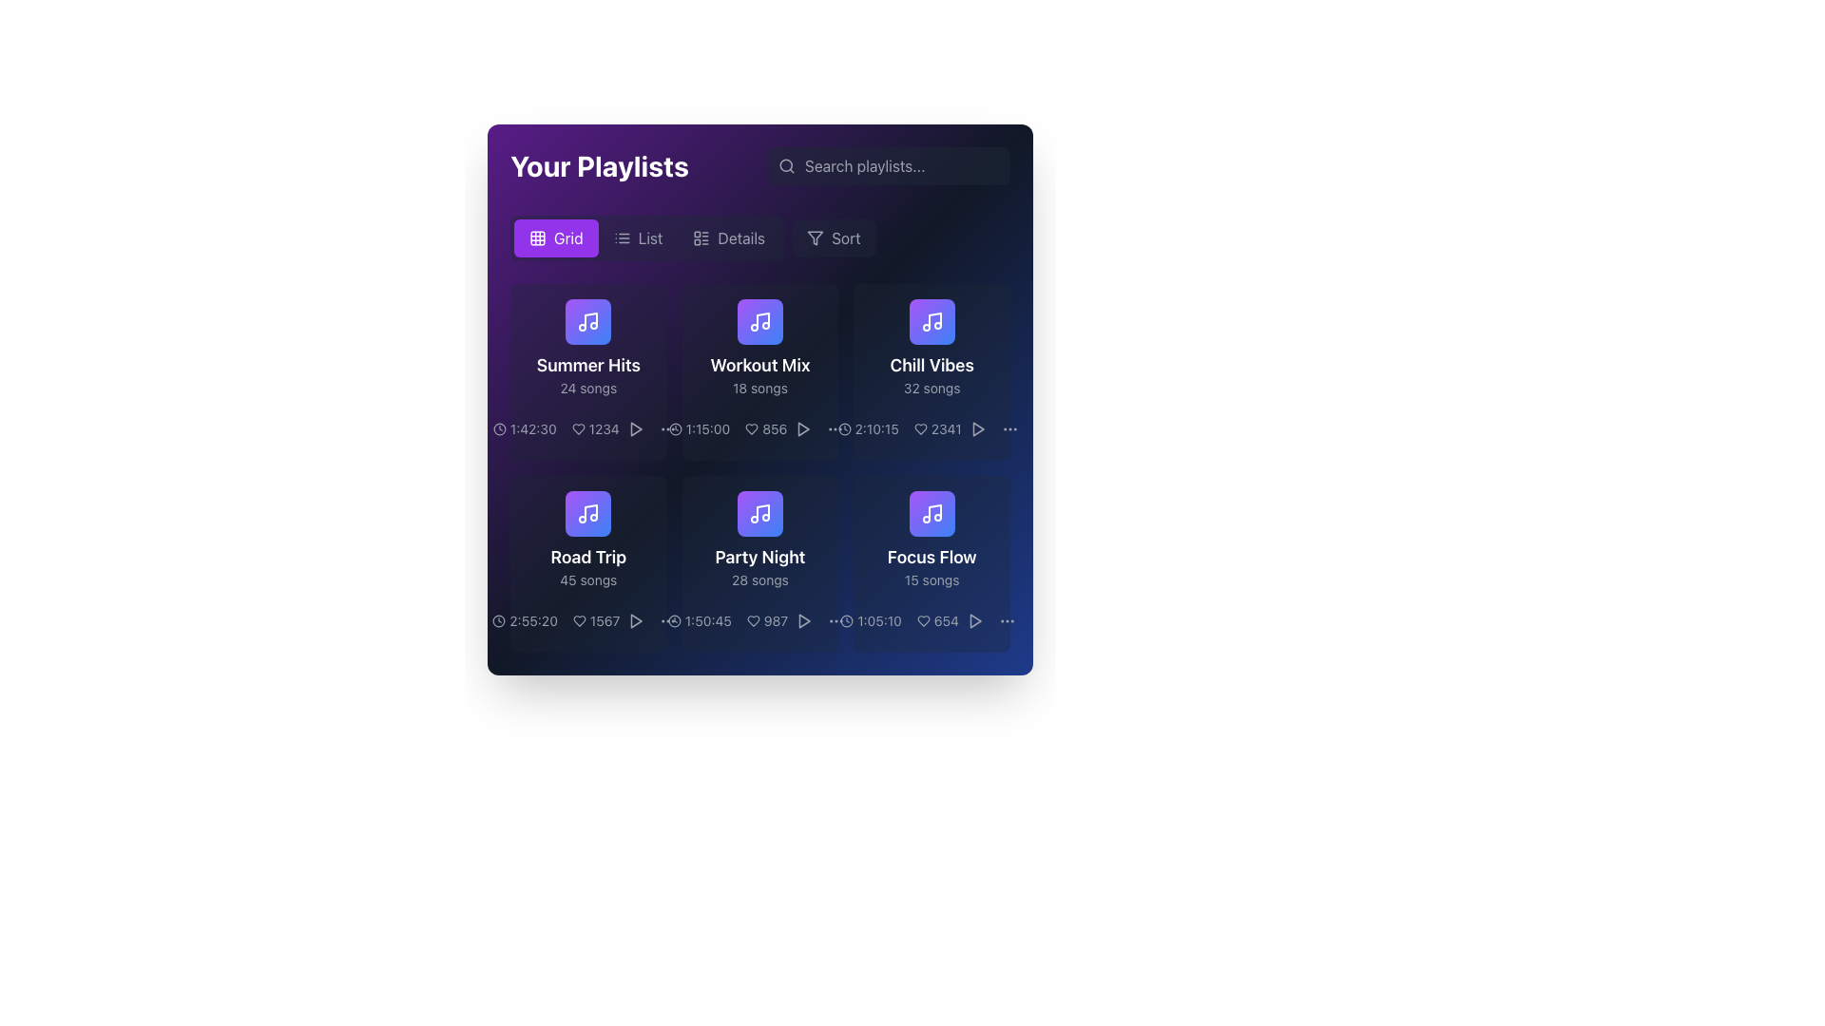  I want to click on to select the 'Focus Flow' playlist card, which features a bold white title and a musical note icon, located in the bottom-right corner of the playlist grid interface, so click(932, 563).